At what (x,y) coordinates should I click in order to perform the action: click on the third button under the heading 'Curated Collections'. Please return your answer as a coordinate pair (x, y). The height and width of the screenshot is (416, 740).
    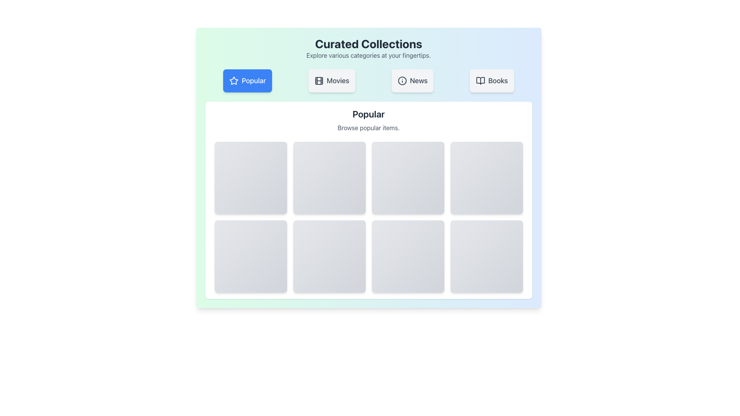
    Looking at the image, I should click on (412, 81).